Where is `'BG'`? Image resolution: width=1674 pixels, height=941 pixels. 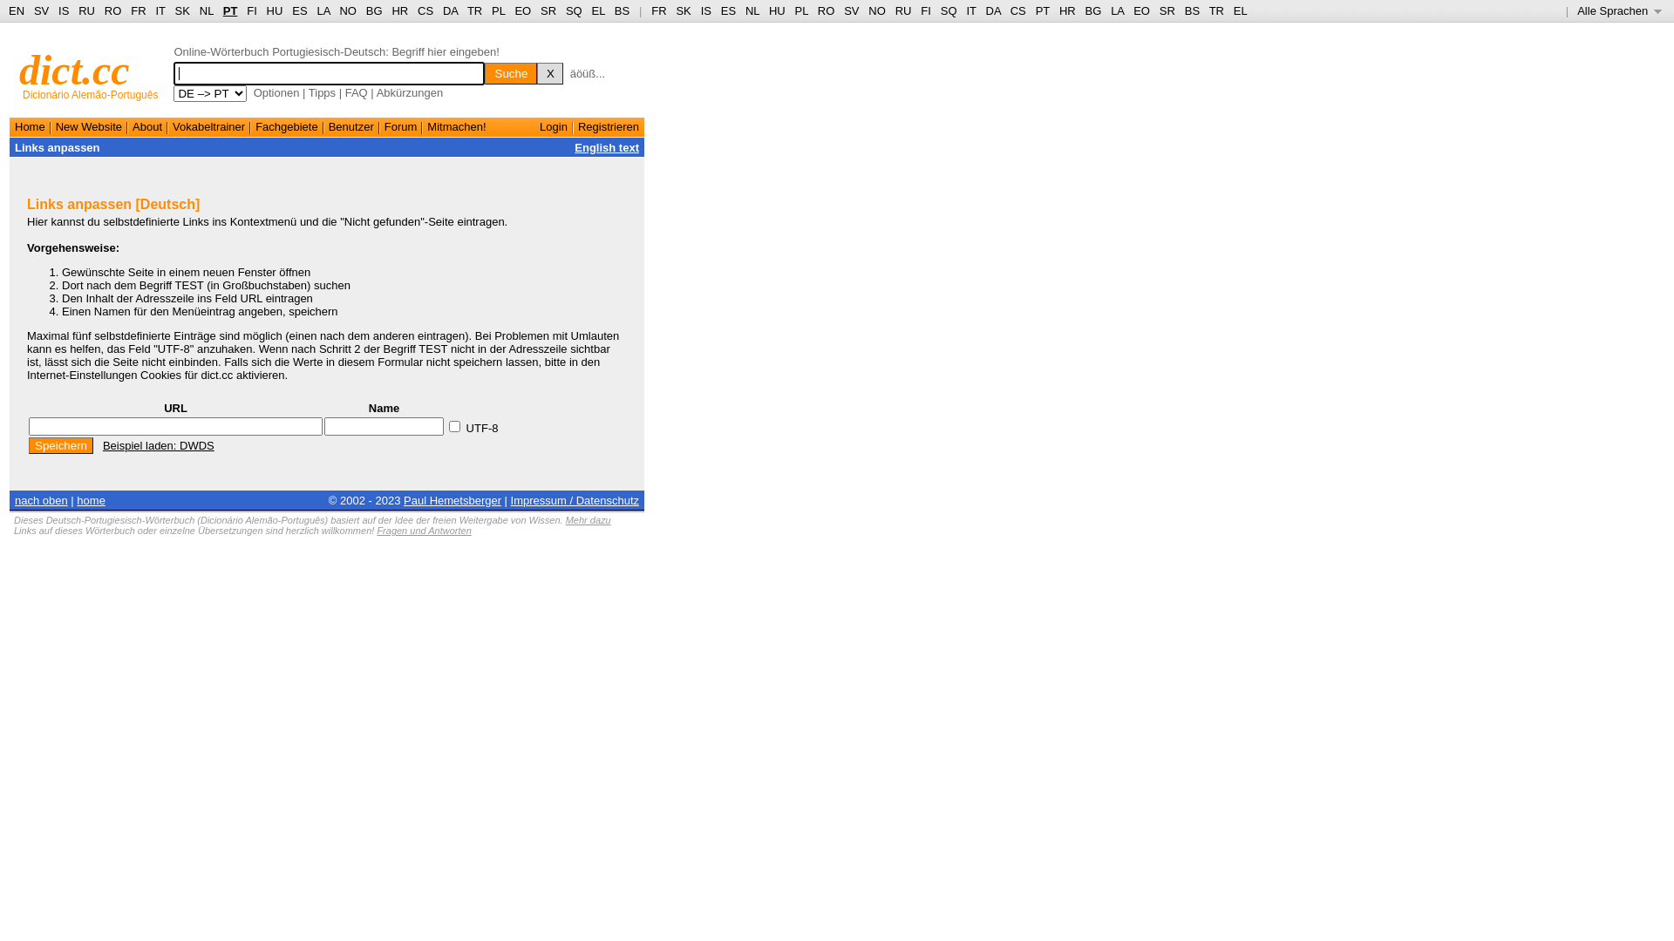 'BG' is located at coordinates (1092, 10).